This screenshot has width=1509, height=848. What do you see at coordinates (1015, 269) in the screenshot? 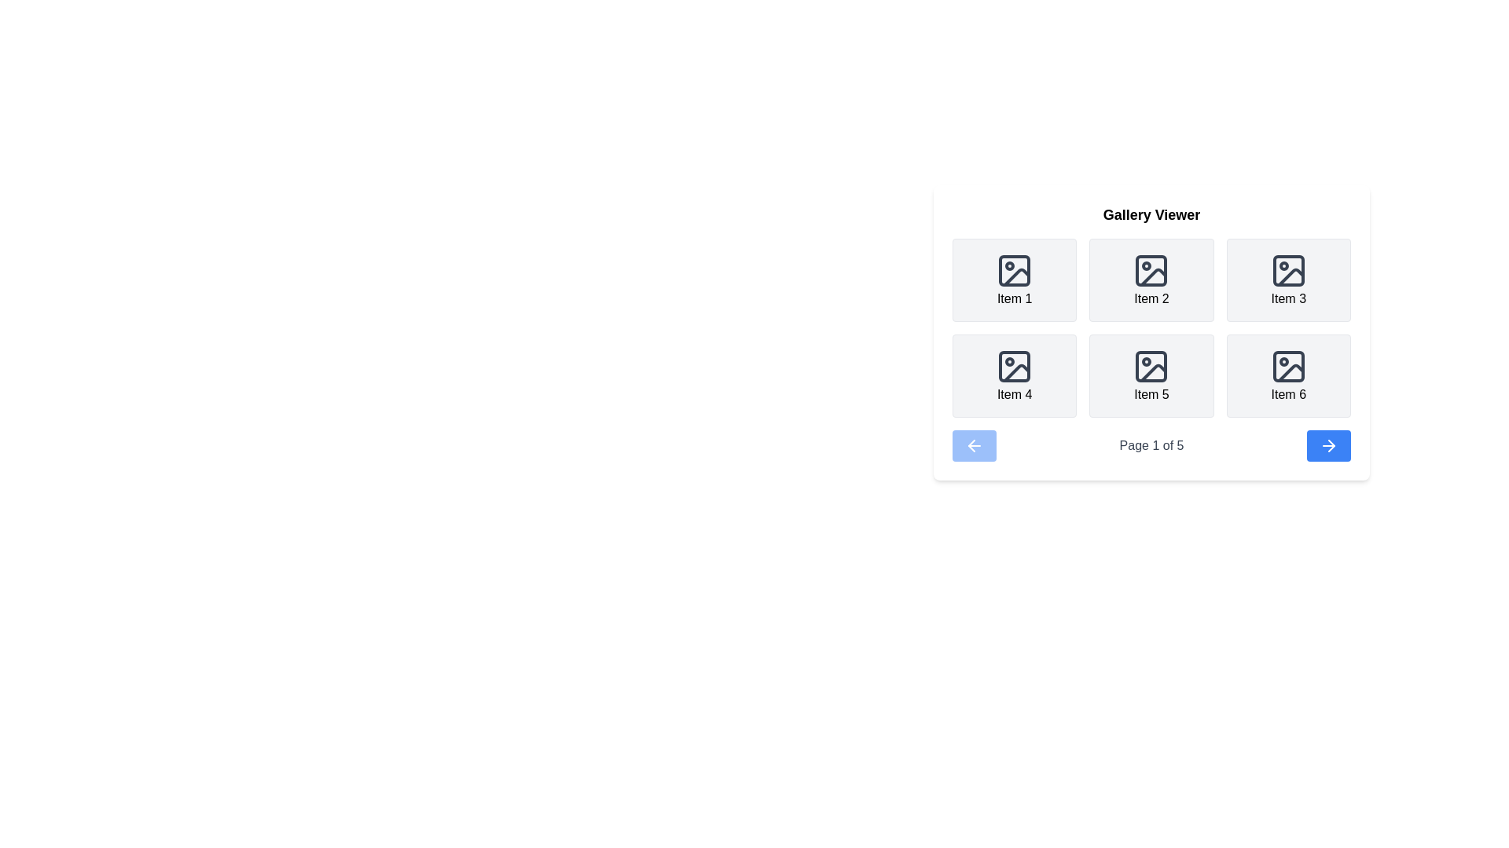
I see `the decorative icon representing media content associated with the button labeled 'Item 1'` at bounding box center [1015, 269].